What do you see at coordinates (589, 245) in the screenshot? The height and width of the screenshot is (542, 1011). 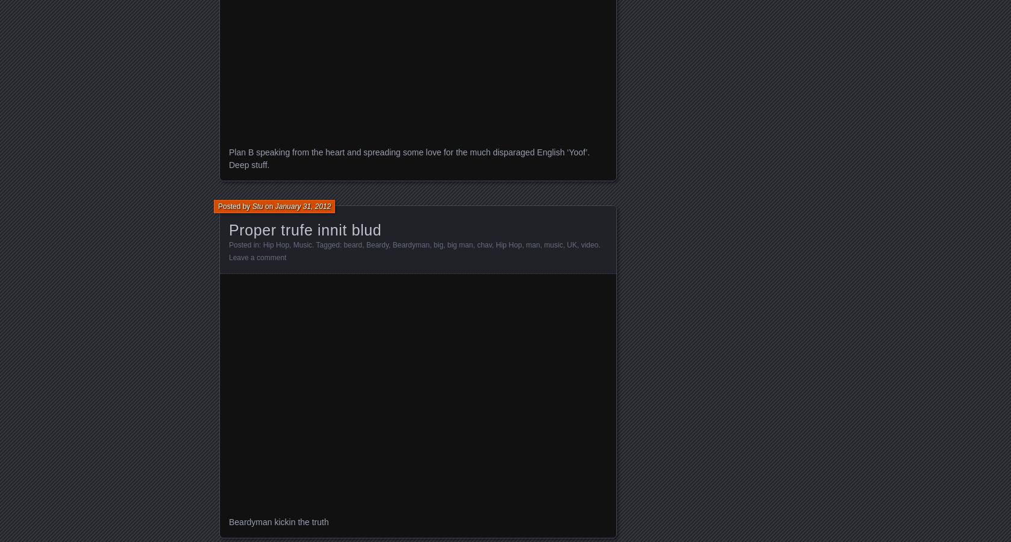 I see `'video'` at bounding box center [589, 245].